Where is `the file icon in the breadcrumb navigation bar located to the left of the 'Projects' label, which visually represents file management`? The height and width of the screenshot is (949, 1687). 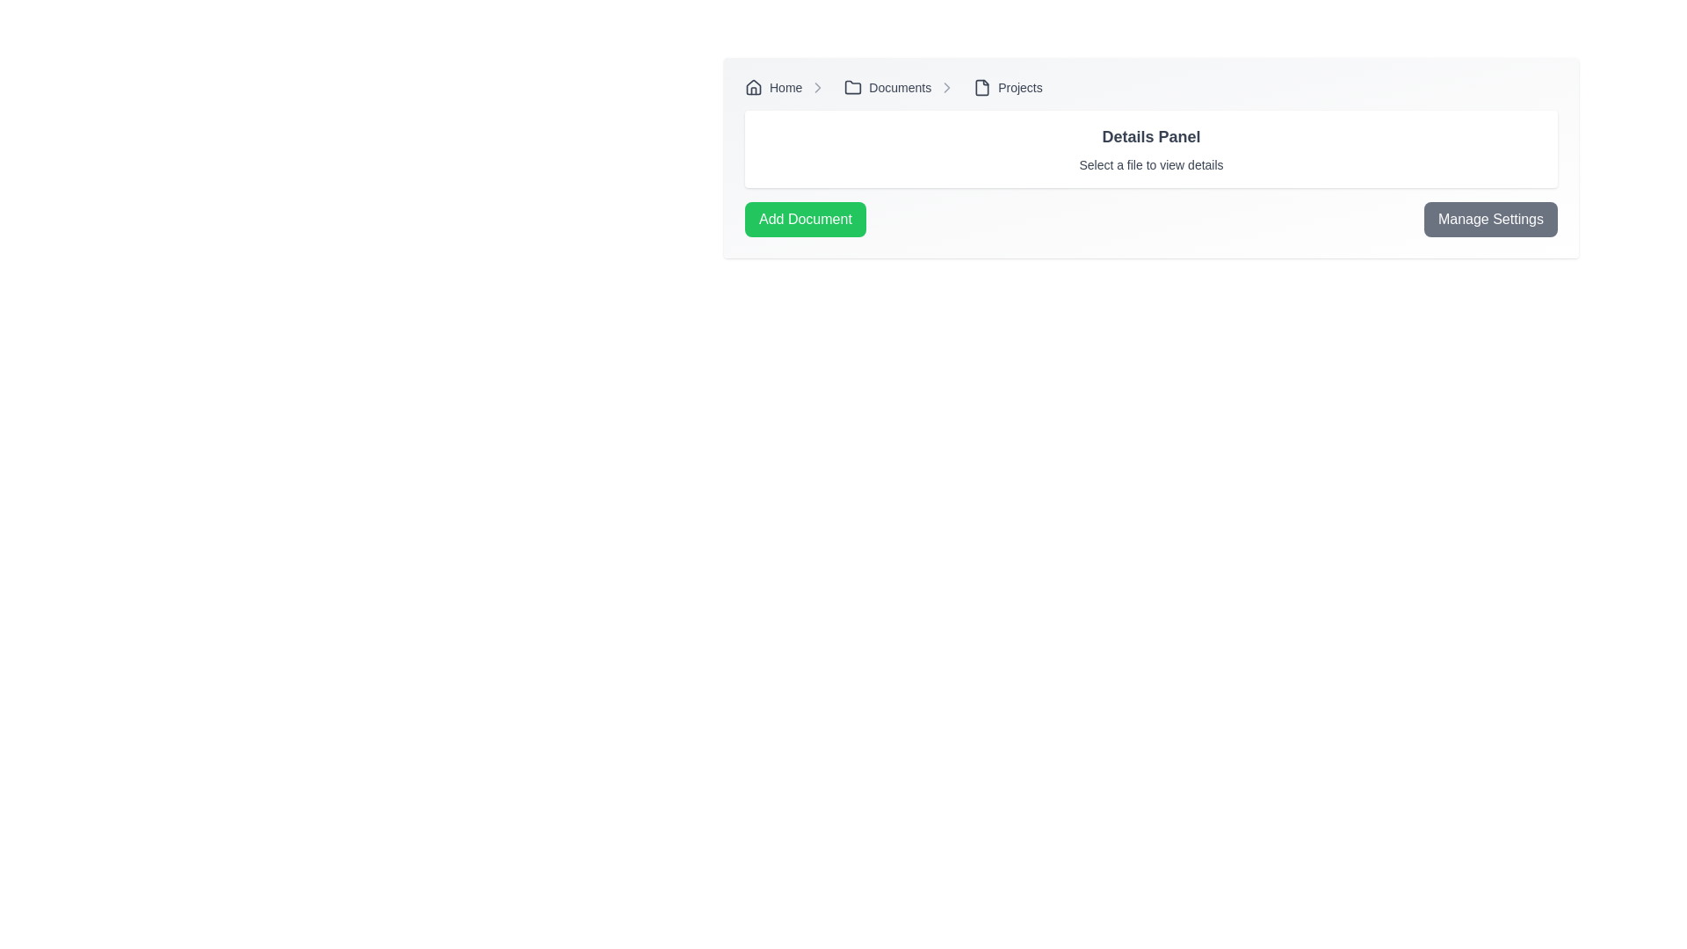 the file icon in the breadcrumb navigation bar located to the left of the 'Projects' label, which visually represents file management is located at coordinates (981, 88).